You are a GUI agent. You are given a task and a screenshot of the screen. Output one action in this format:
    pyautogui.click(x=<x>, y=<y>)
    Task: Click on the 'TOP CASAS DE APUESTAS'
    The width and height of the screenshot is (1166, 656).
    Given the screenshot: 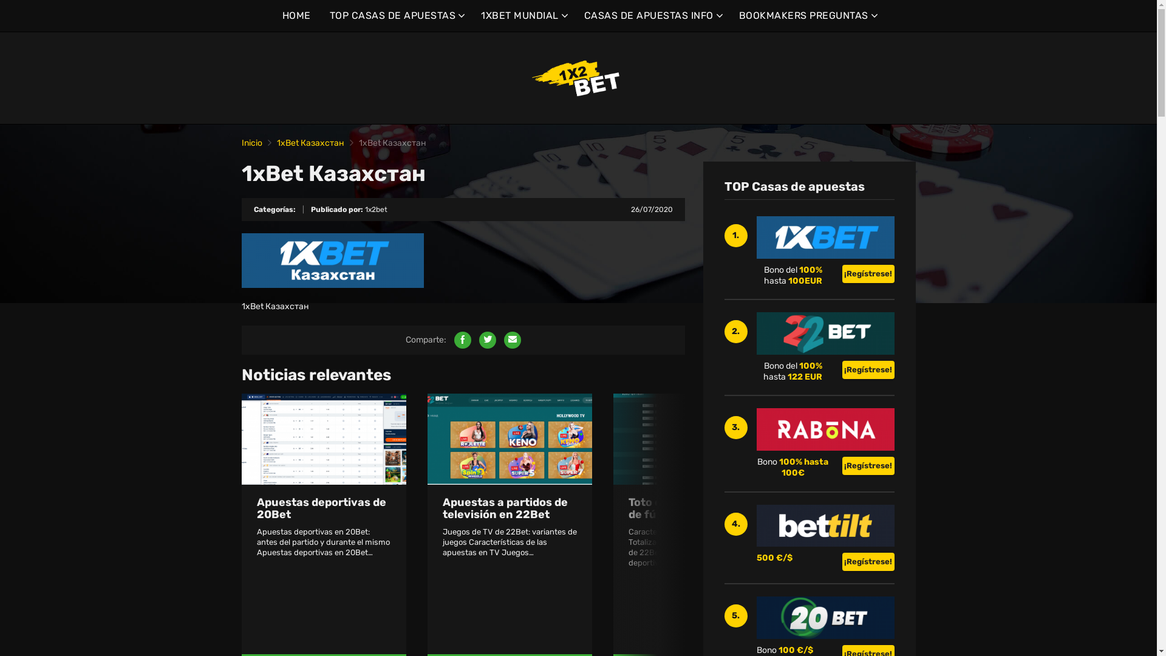 What is the action you would take?
    pyautogui.click(x=329, y=16)
    